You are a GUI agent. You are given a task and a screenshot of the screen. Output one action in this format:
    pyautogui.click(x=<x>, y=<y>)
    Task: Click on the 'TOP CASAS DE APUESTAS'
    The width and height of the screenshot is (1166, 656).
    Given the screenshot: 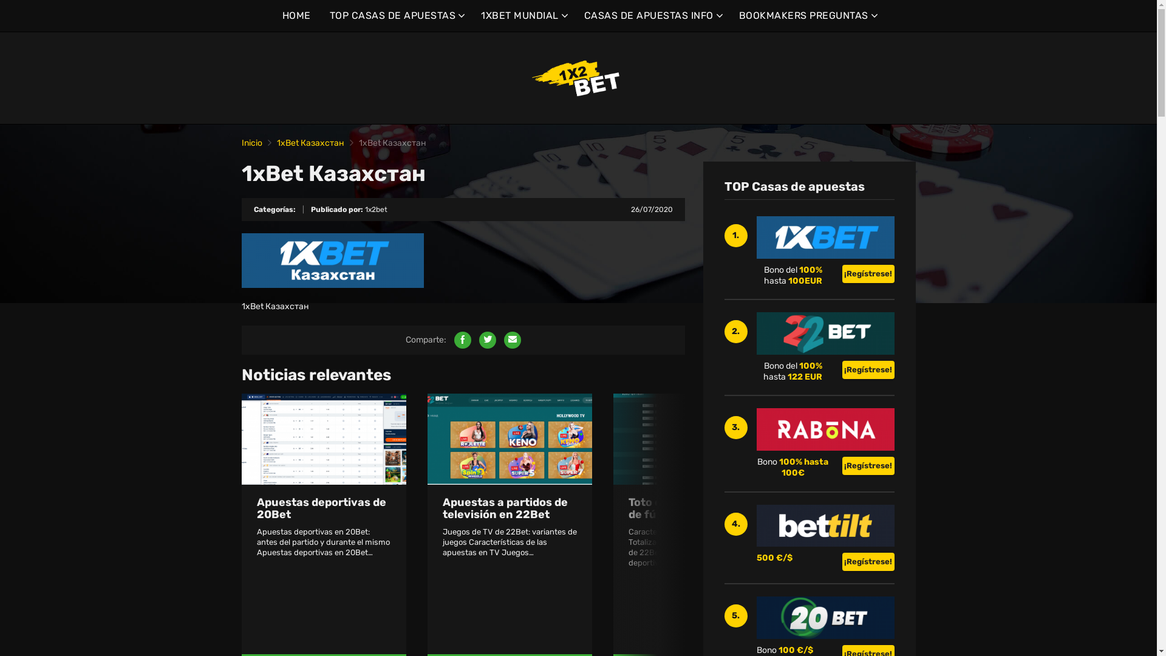 What is the action you would take?
    pyautogui.click(x=329, y=16)
    